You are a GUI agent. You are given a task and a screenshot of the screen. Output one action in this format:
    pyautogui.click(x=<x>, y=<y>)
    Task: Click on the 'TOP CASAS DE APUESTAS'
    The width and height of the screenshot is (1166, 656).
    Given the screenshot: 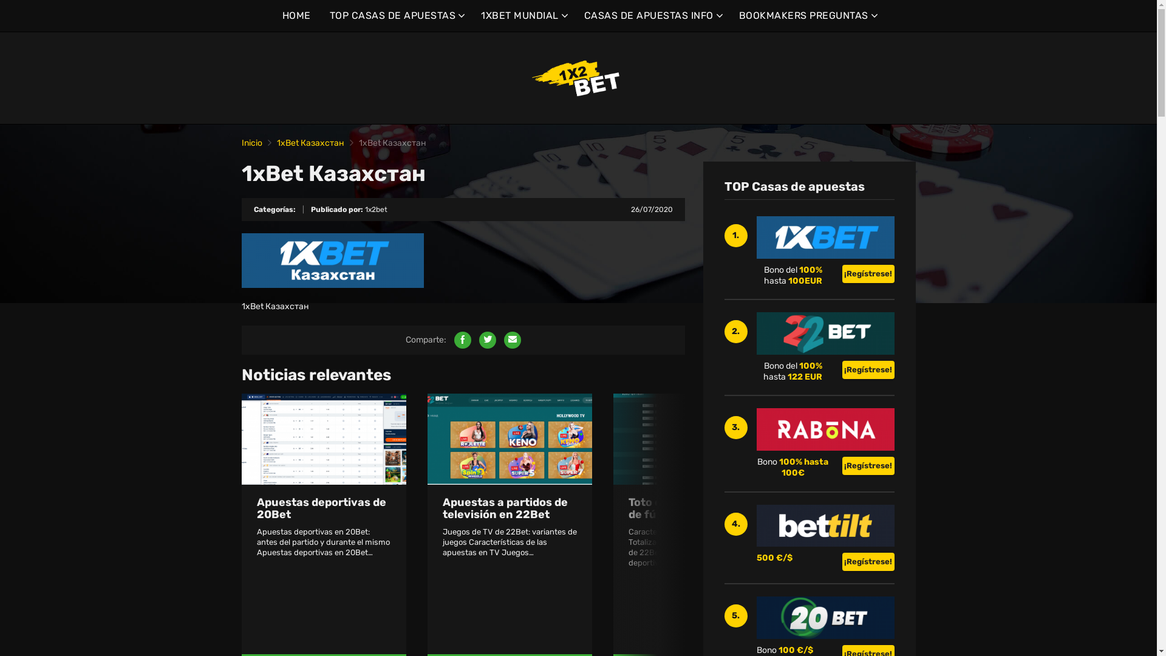 What is the action you would take?
    pyautogui.click(x=329, y=16)
    